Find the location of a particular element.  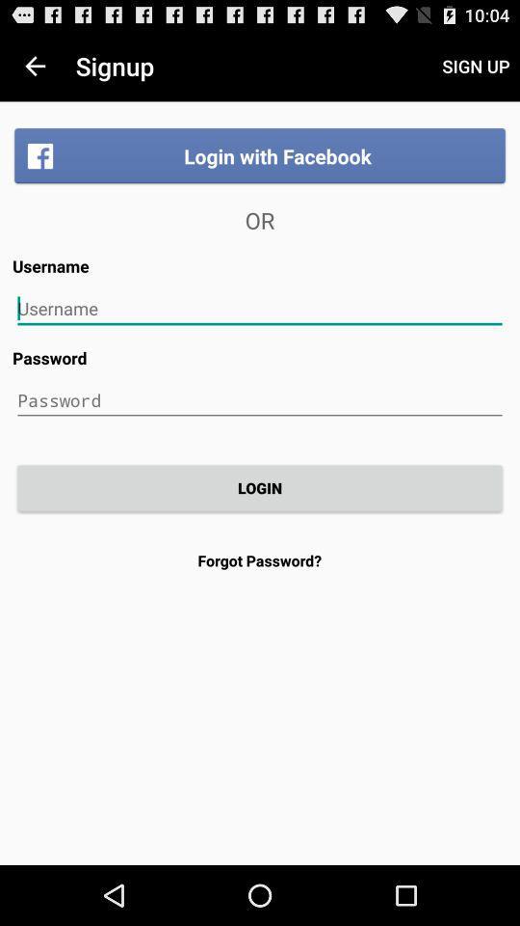

username field is located at coordinates (260, 309).